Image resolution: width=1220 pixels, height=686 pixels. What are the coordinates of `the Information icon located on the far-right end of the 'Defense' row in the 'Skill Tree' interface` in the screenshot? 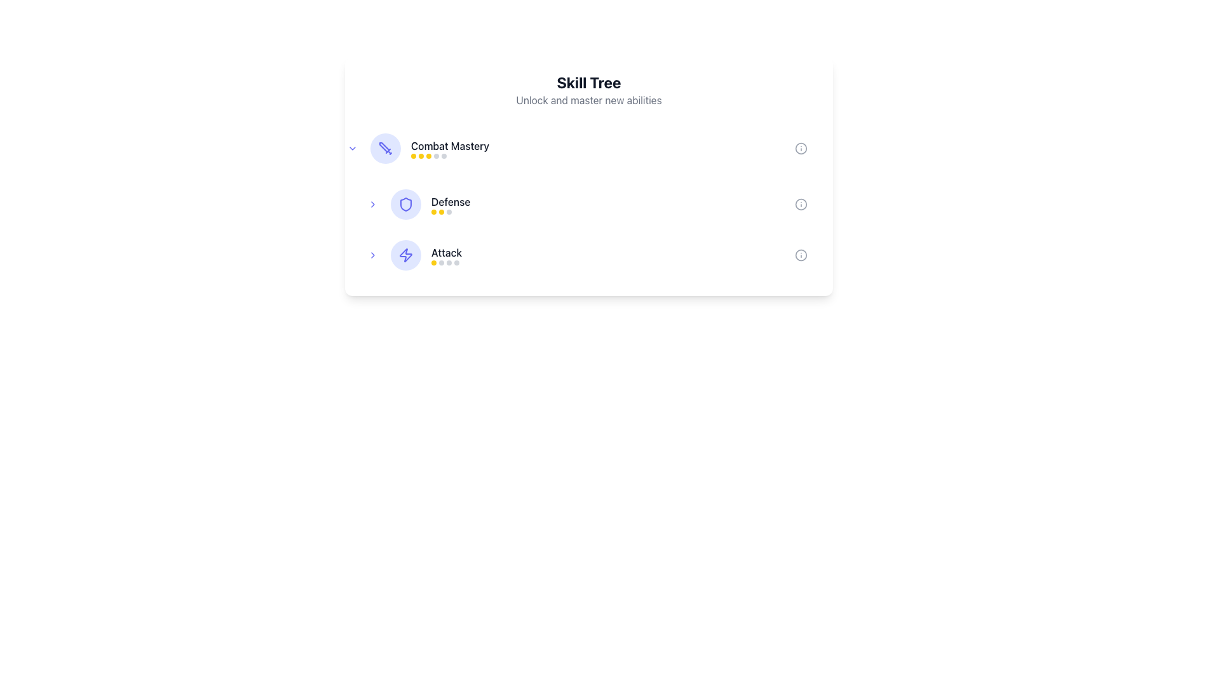 It's located at (801, 203).